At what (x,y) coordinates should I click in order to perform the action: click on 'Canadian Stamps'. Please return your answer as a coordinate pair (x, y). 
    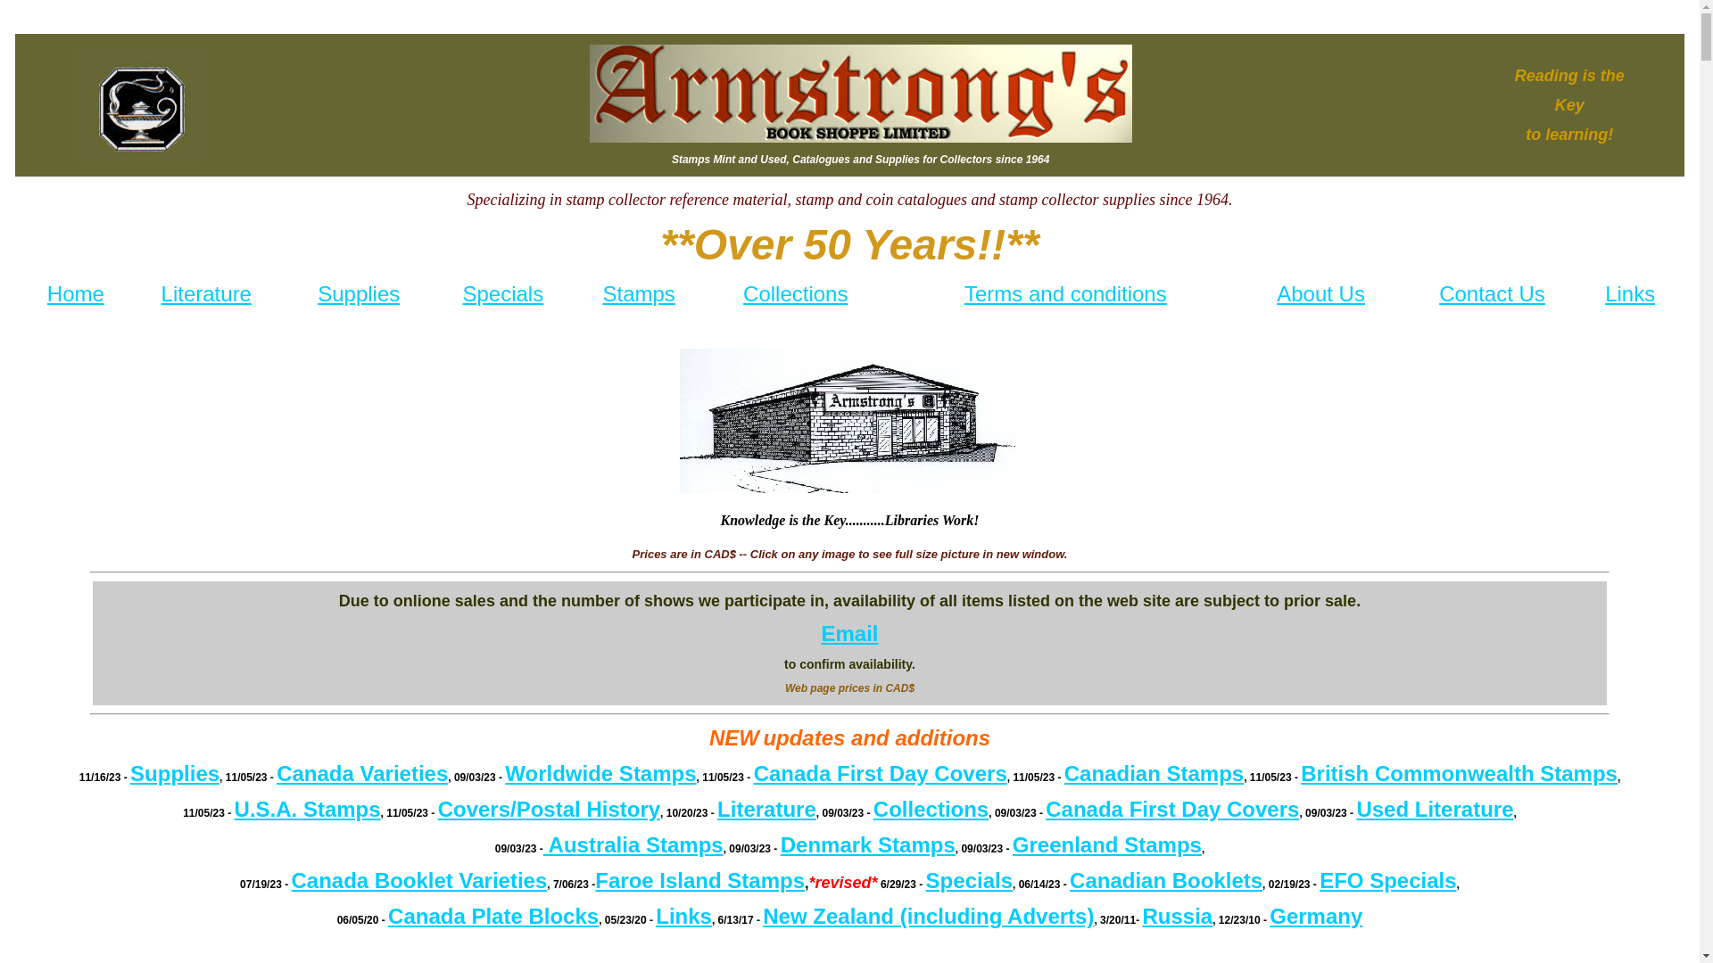
    Looking at the image, I should click on (1154, 772).